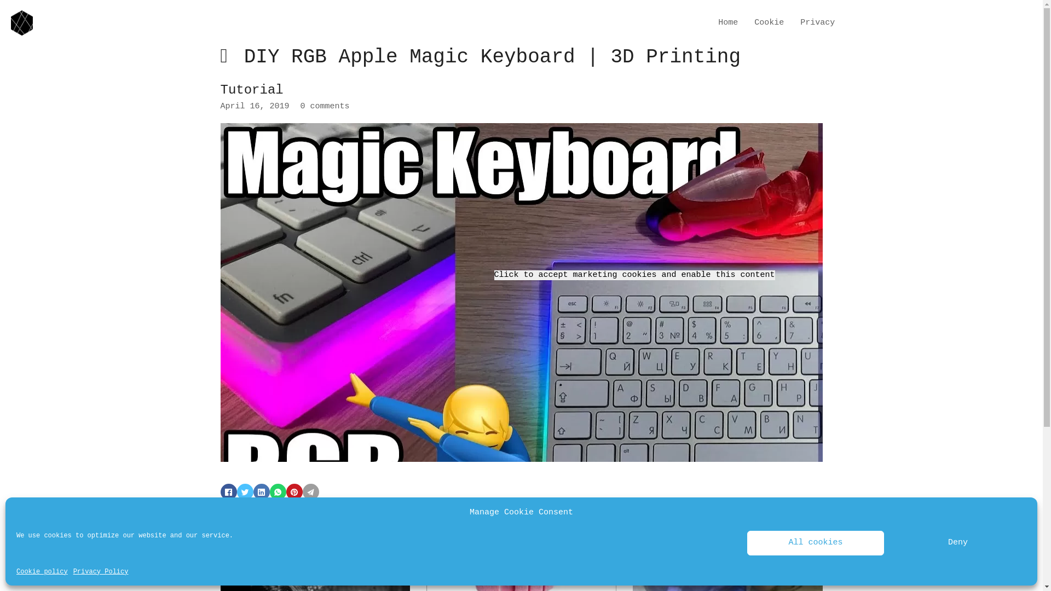  I want to click on 'Home', so click(718, 23).